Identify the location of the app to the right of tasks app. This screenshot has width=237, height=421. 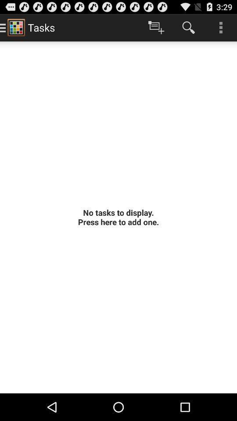
(156, 27).